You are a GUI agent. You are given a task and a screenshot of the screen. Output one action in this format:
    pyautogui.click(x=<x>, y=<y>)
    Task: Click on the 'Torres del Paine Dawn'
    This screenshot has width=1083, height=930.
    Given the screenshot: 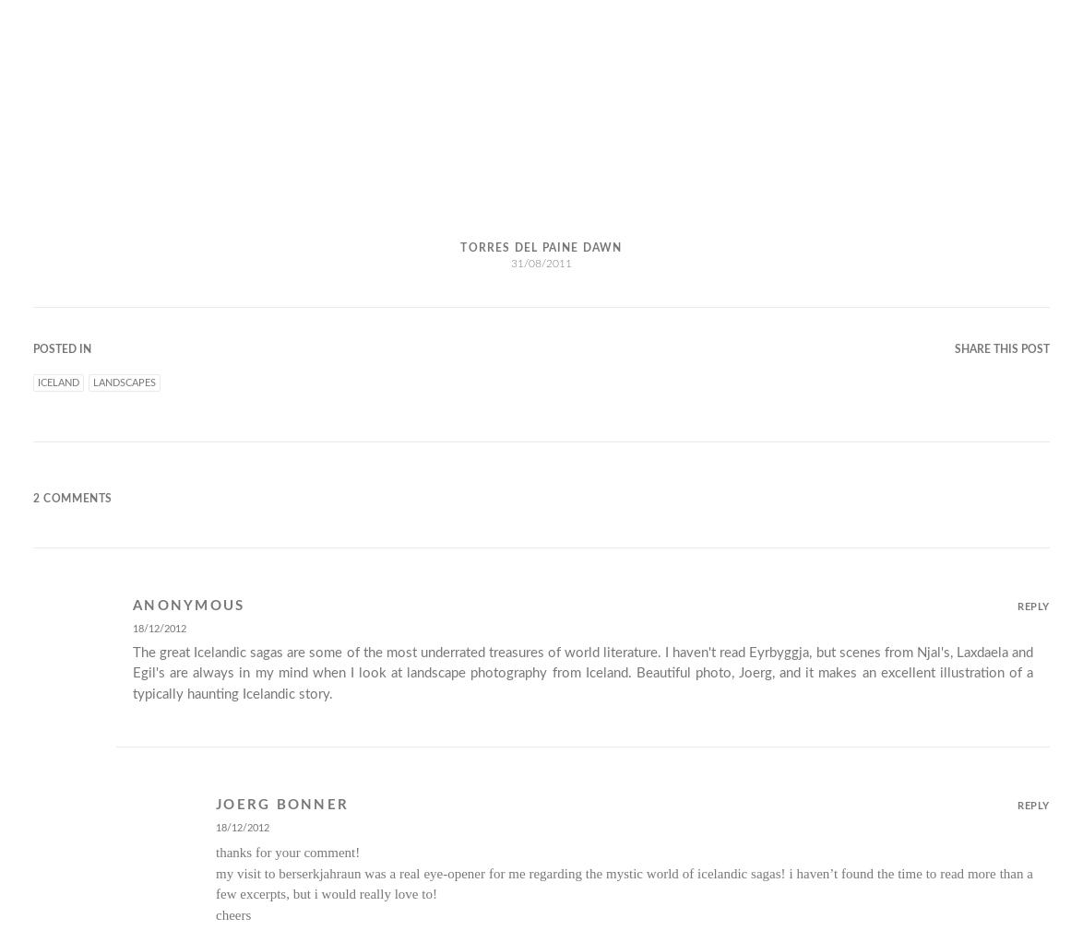 What is the action you would take?
    pyautogui.click(x=540, y=245)
    